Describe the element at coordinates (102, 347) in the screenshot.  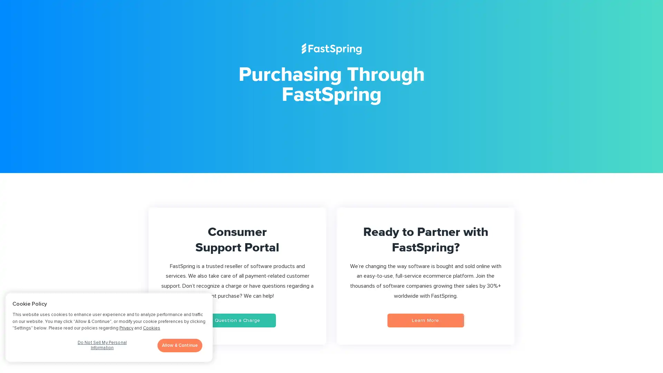
I see `Do Not Sell My Personal Information` at that location.